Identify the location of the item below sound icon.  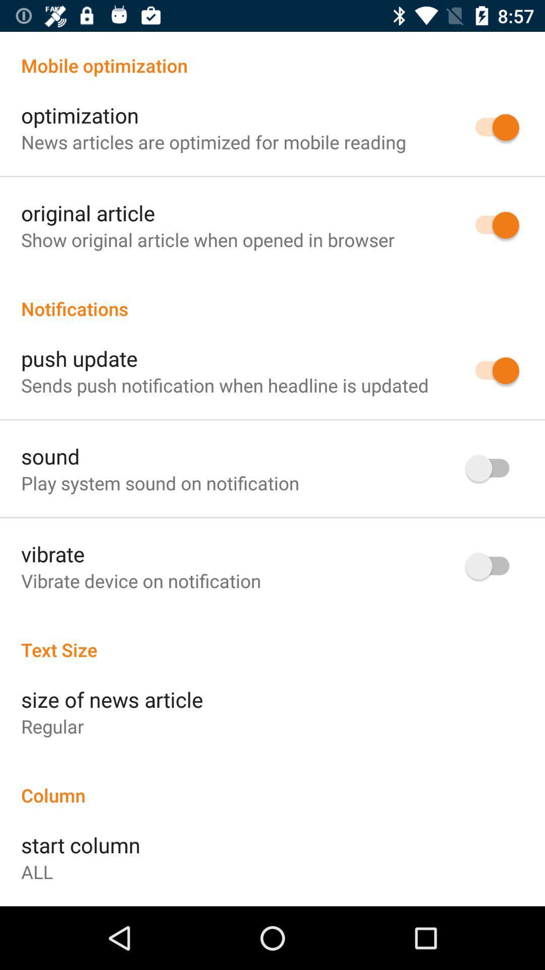
(159, 482).